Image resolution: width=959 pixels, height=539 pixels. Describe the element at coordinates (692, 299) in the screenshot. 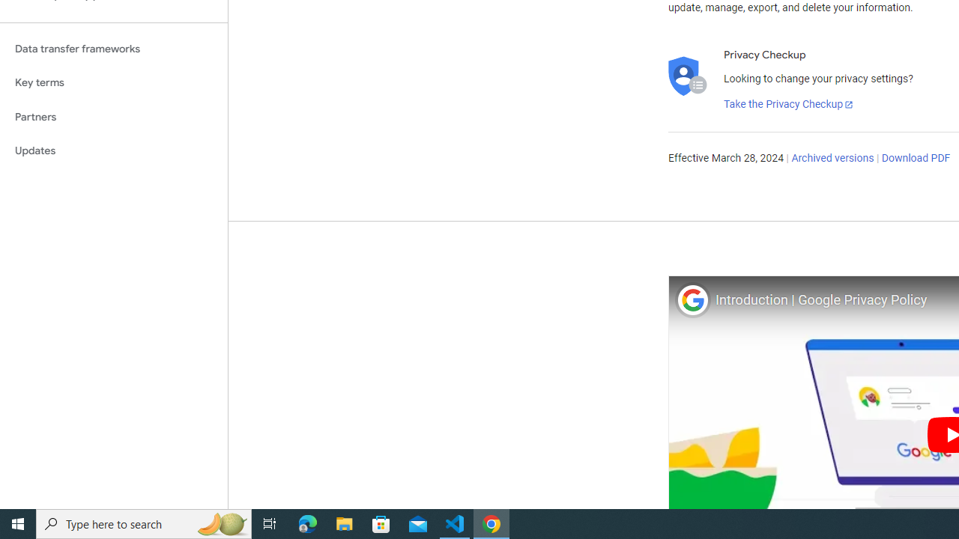

I see `'Photo image of Google'` at that location.